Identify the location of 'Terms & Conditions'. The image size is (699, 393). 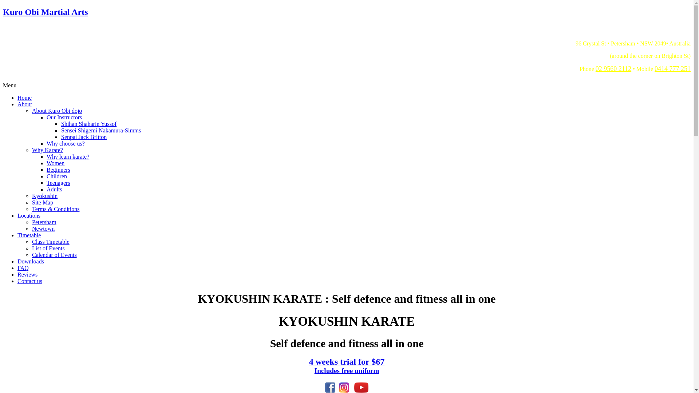
(55, 209).